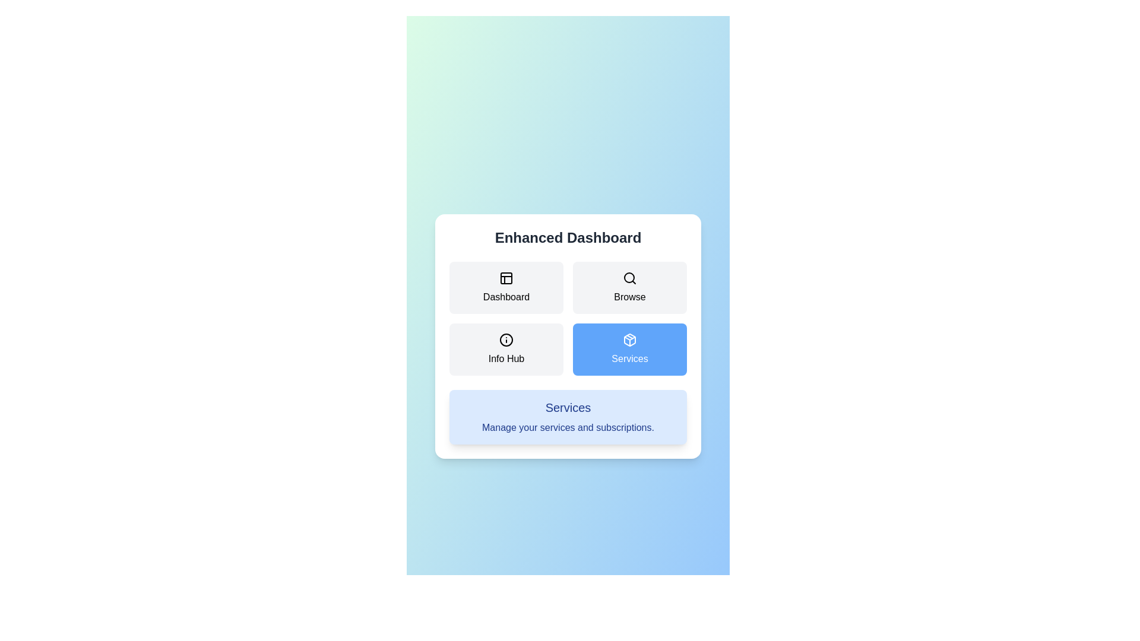 The height and width of the screenshot is (641, 1140). I want to click on the main heading 'Enhanced Dashboard', so click(567, 238).